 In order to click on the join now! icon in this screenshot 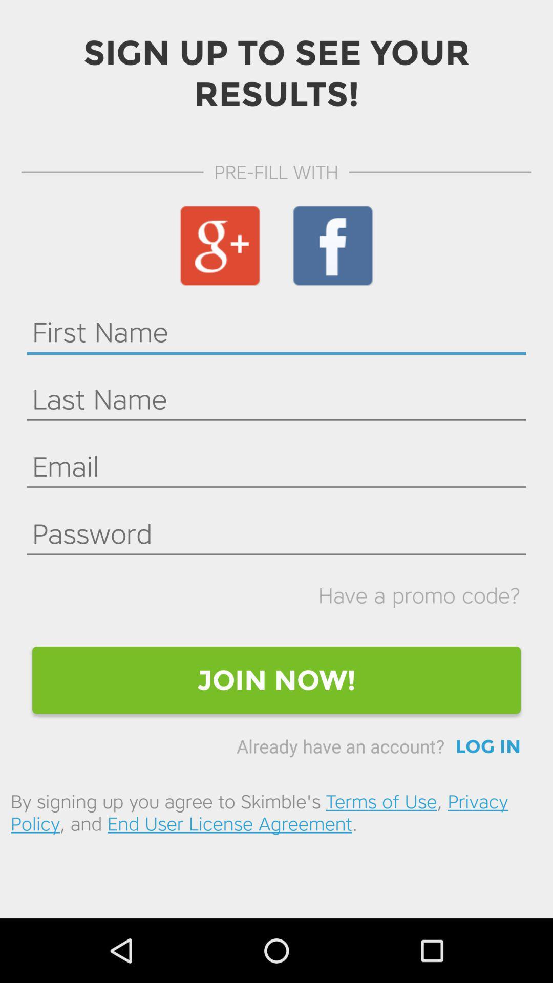, I will do `click(276, 680)`.